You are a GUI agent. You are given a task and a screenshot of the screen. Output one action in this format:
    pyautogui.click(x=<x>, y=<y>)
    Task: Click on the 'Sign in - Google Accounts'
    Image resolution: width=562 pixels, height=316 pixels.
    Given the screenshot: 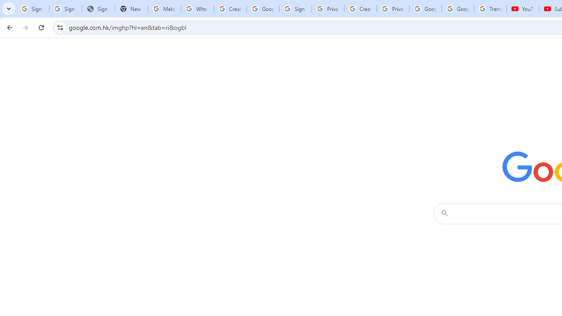 What is the action you would take?
    pyautogui.click(x=295, y=9)
    